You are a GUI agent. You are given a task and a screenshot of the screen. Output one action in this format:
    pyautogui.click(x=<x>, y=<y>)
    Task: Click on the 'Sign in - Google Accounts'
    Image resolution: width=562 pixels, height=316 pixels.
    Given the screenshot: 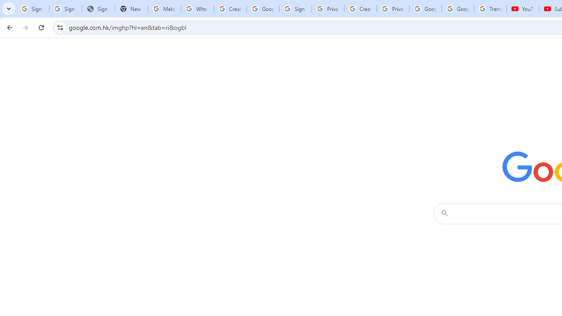 What is the action you would take?
    pyautogui.click(x=295, y=9)
    